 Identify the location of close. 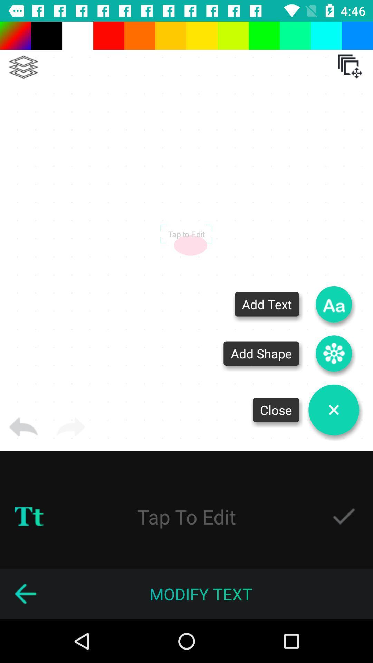
(333, 410).